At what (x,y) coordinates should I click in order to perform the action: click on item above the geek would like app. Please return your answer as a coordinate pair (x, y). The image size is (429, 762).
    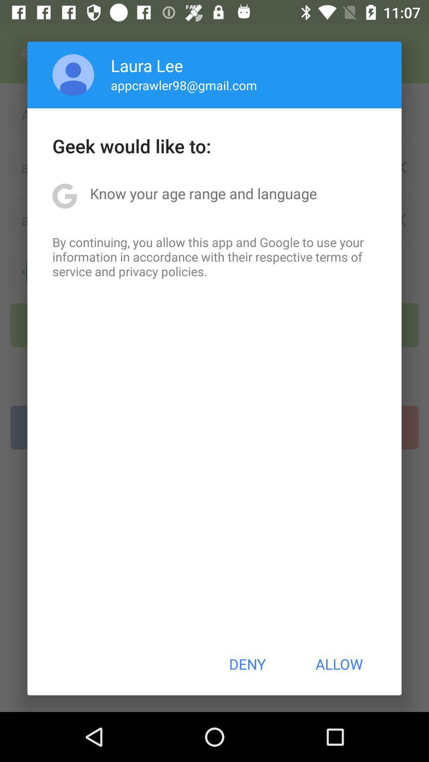
    Looking at the image, I should click on (73, 75).